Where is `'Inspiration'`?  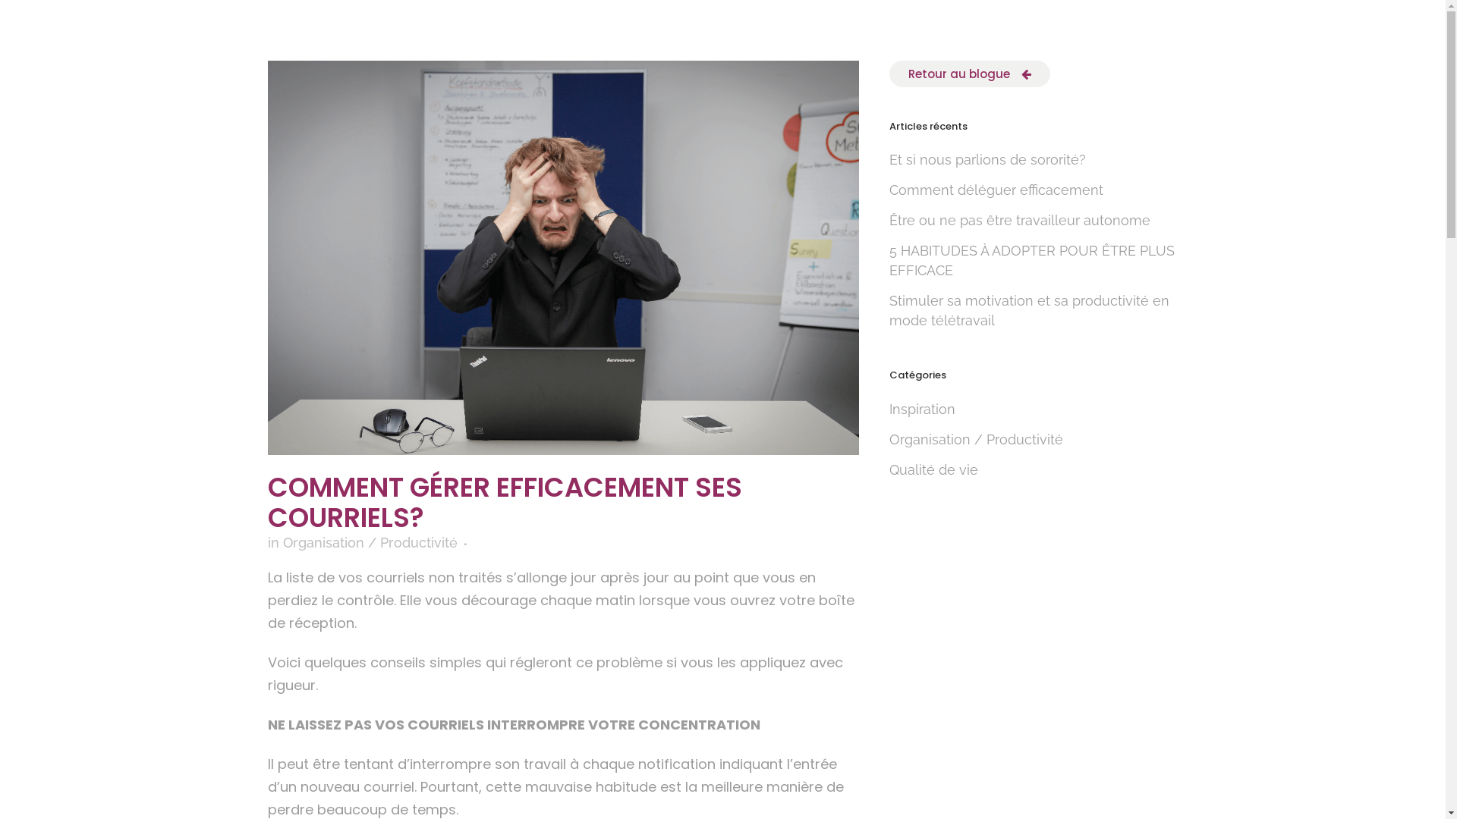
'Inspiration' is located at coordinates (921, 408).